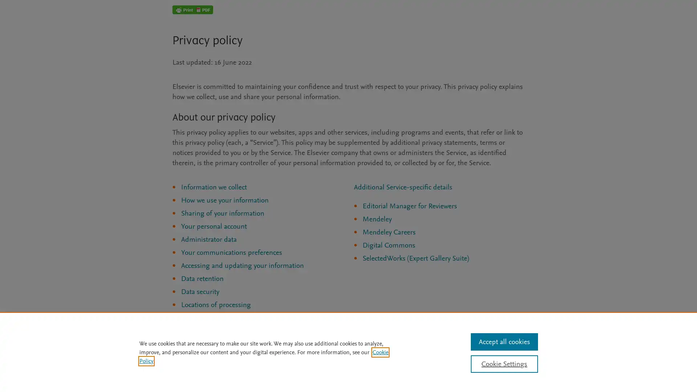 This screenshot has width=697, height=392. What do you see at coordinates (504, 364) in the screenshot?
I see `Cookie Settings` at bounding box center [504, 364].